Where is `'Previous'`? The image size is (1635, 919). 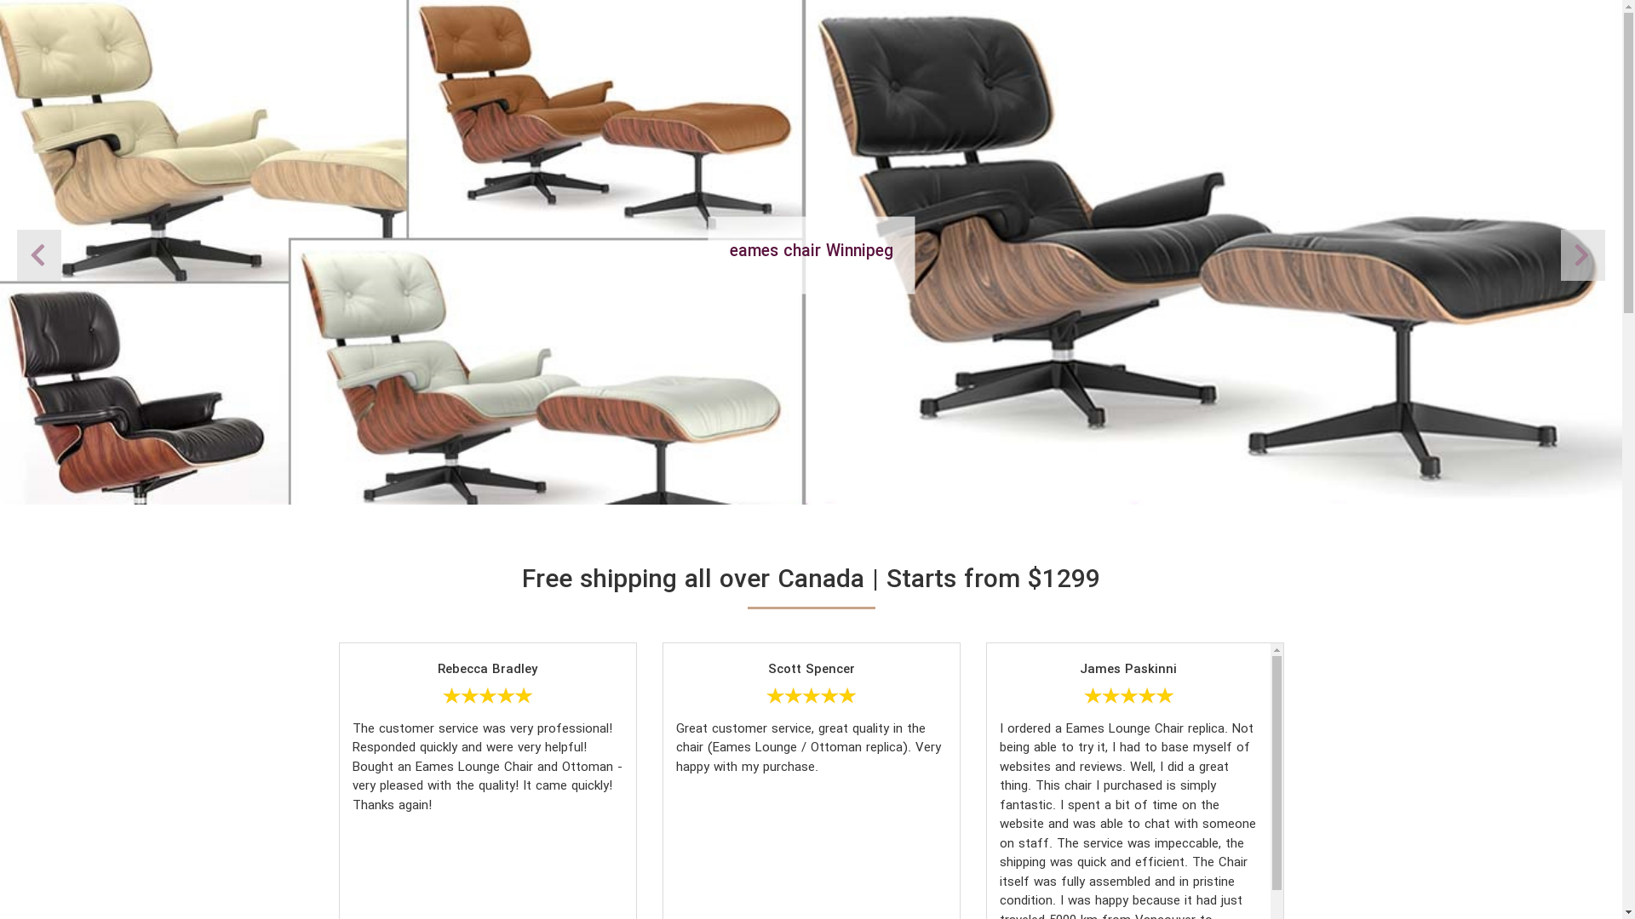 'Previous' is located at coordinates (1581, 255).